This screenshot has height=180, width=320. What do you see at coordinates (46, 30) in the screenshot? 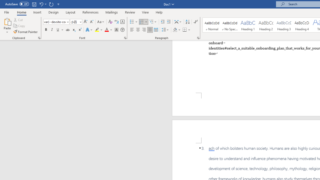
I see `'Bold'` at bounding box center [46, 30].